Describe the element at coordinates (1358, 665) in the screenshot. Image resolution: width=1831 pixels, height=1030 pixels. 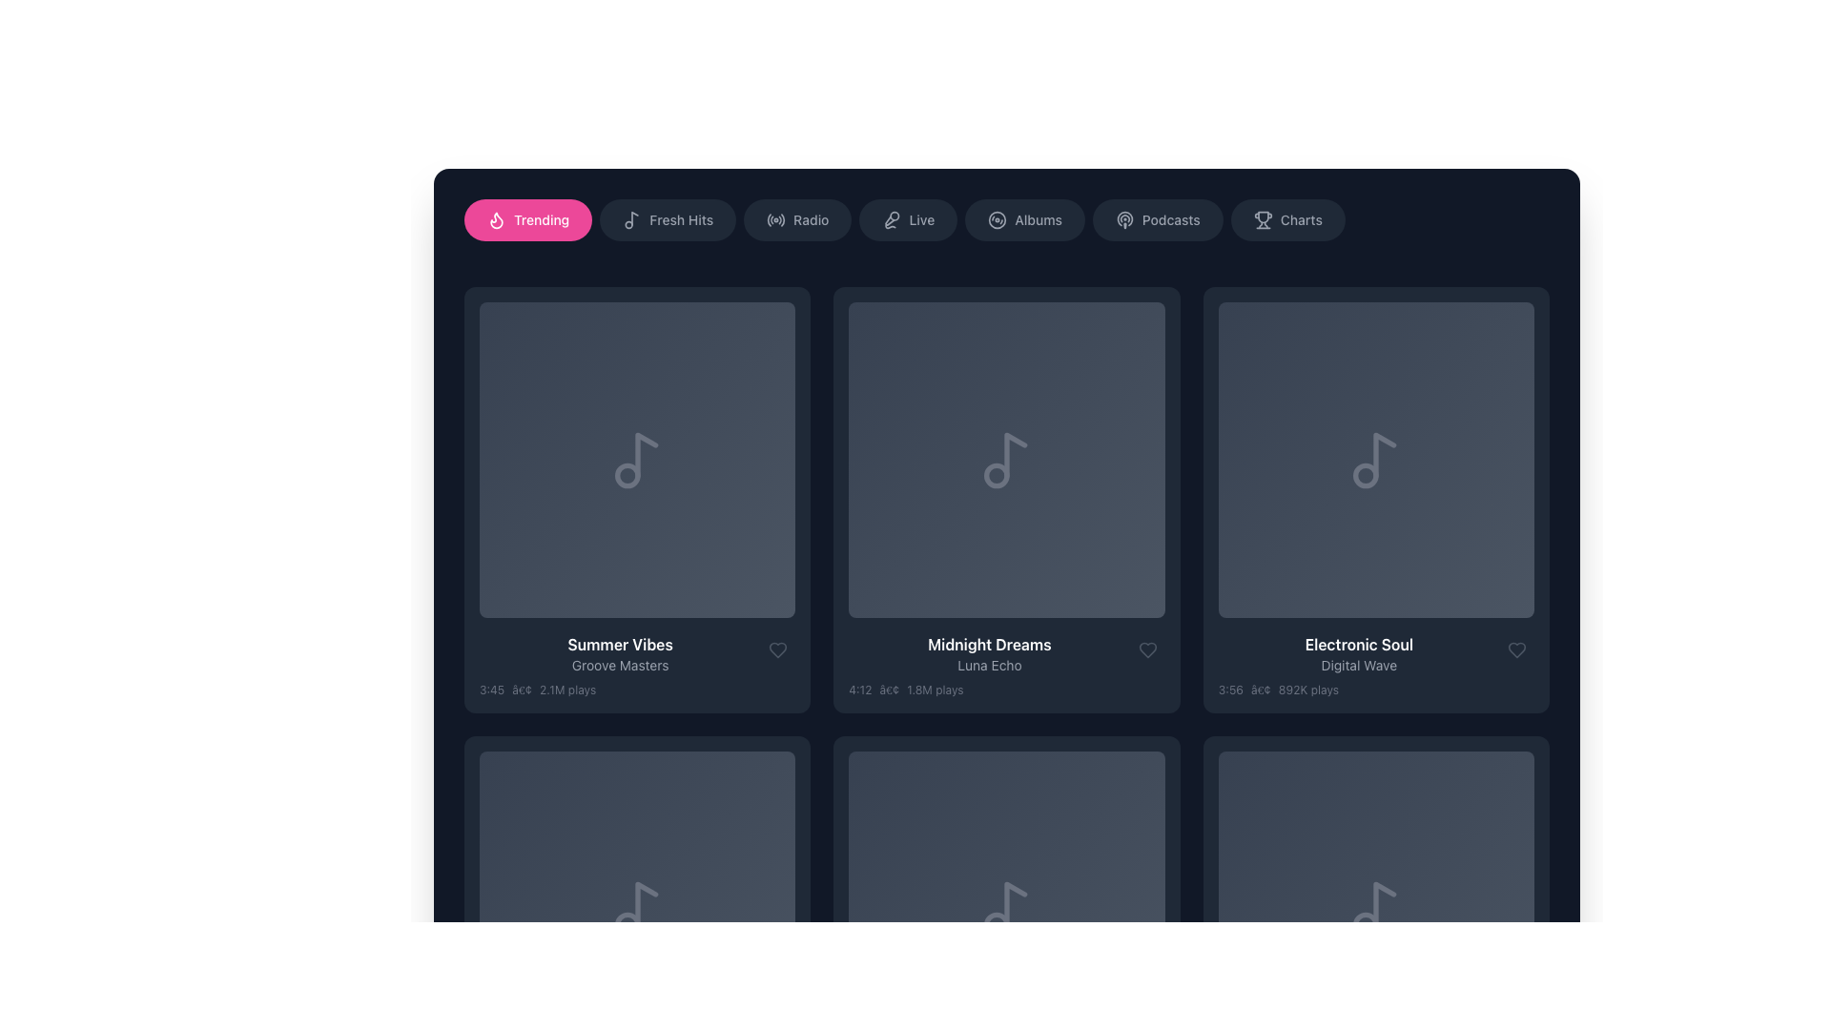
I see `the text label displaying 'Digital Wave' in gray font, located under the main title 'Electronic Soul' in the song card on the third column of the first row` at that location.